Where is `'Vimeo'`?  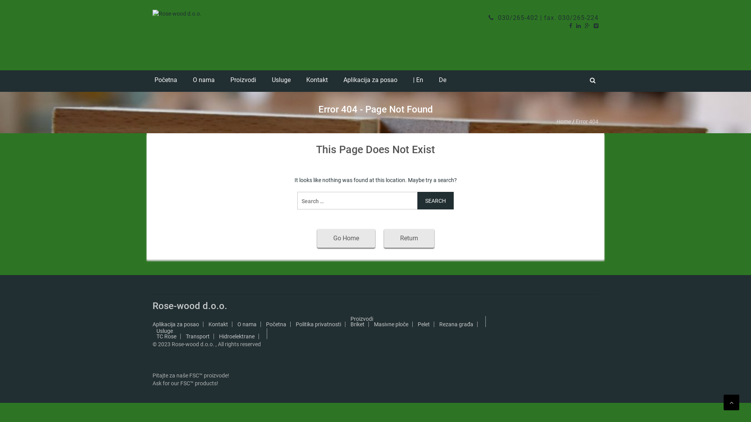 'Vimeo' is located at coordinates (595, 25).